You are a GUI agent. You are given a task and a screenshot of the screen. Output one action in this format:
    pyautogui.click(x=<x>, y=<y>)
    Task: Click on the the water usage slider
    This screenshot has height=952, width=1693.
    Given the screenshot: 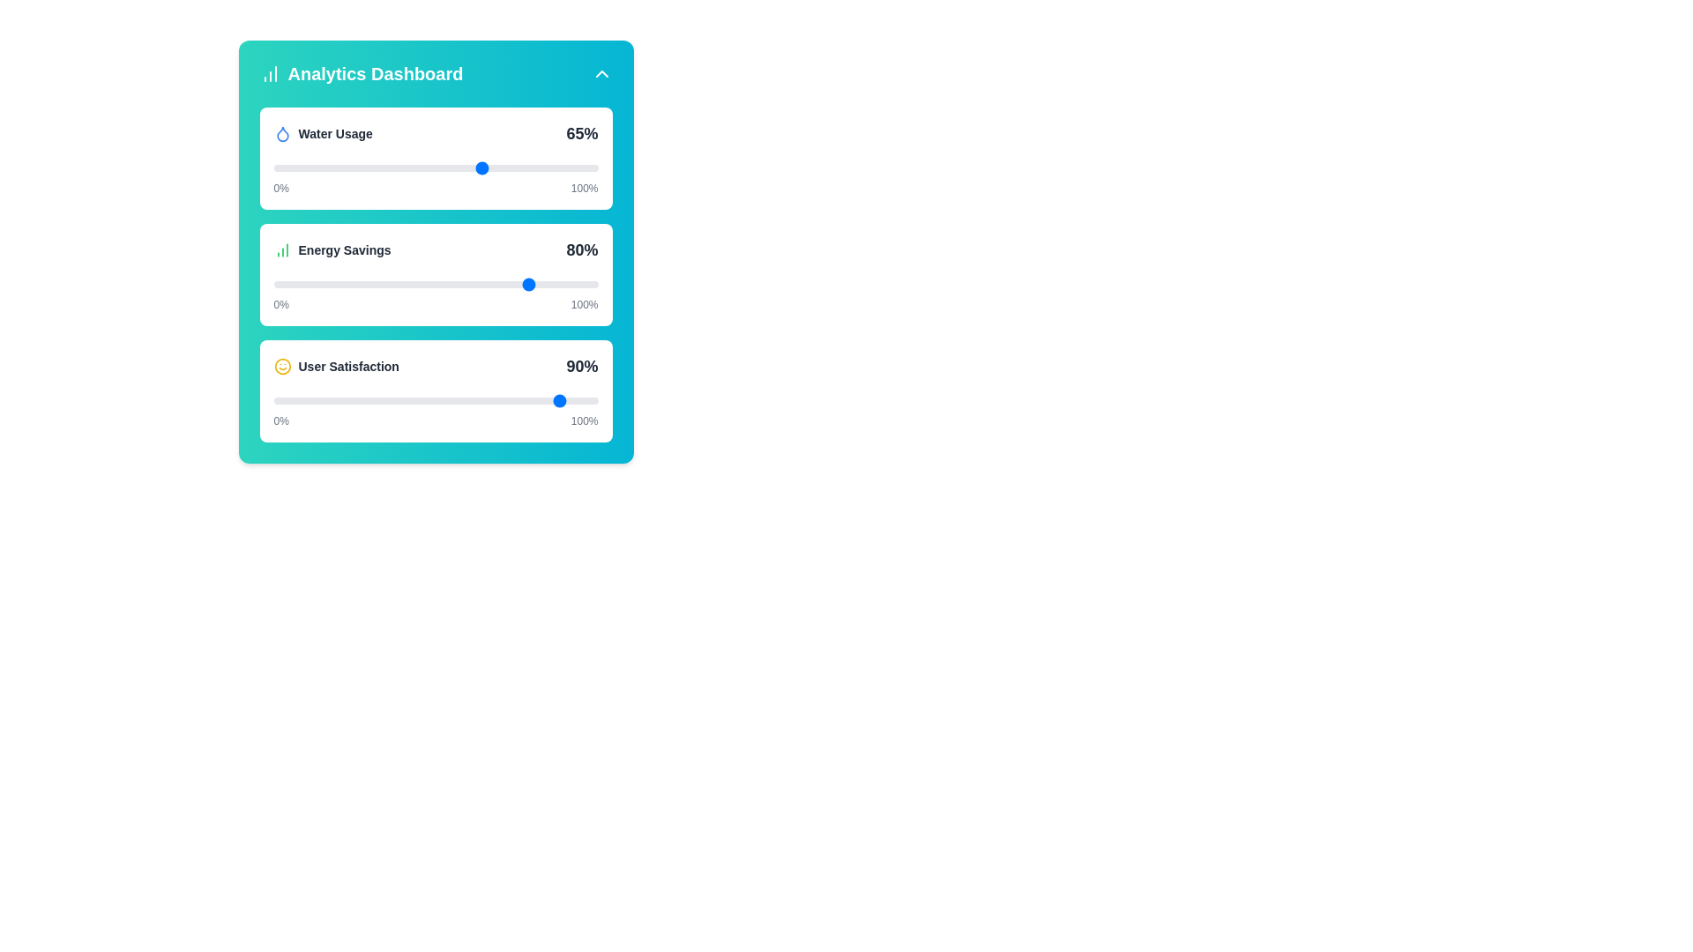 What is the action you would take?
    pyautogui.click(x=419, y=168)
    